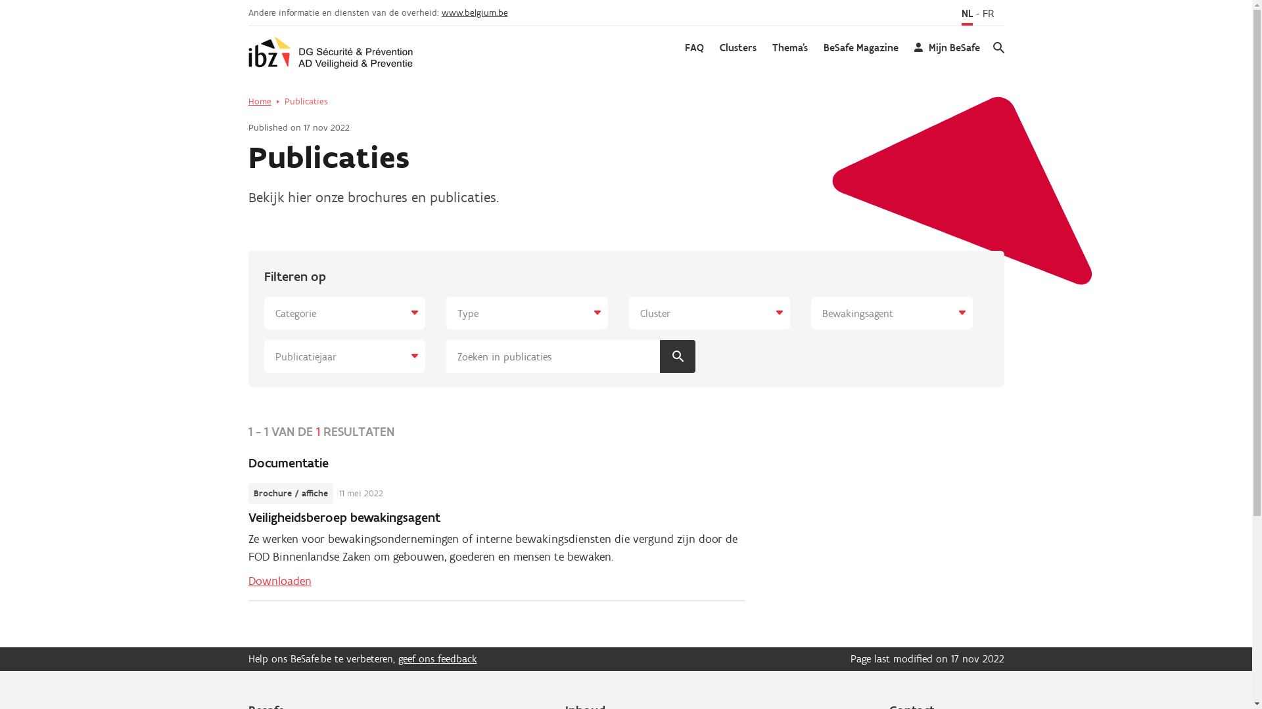  I want to click on 'Thema's', so click(789, 47).